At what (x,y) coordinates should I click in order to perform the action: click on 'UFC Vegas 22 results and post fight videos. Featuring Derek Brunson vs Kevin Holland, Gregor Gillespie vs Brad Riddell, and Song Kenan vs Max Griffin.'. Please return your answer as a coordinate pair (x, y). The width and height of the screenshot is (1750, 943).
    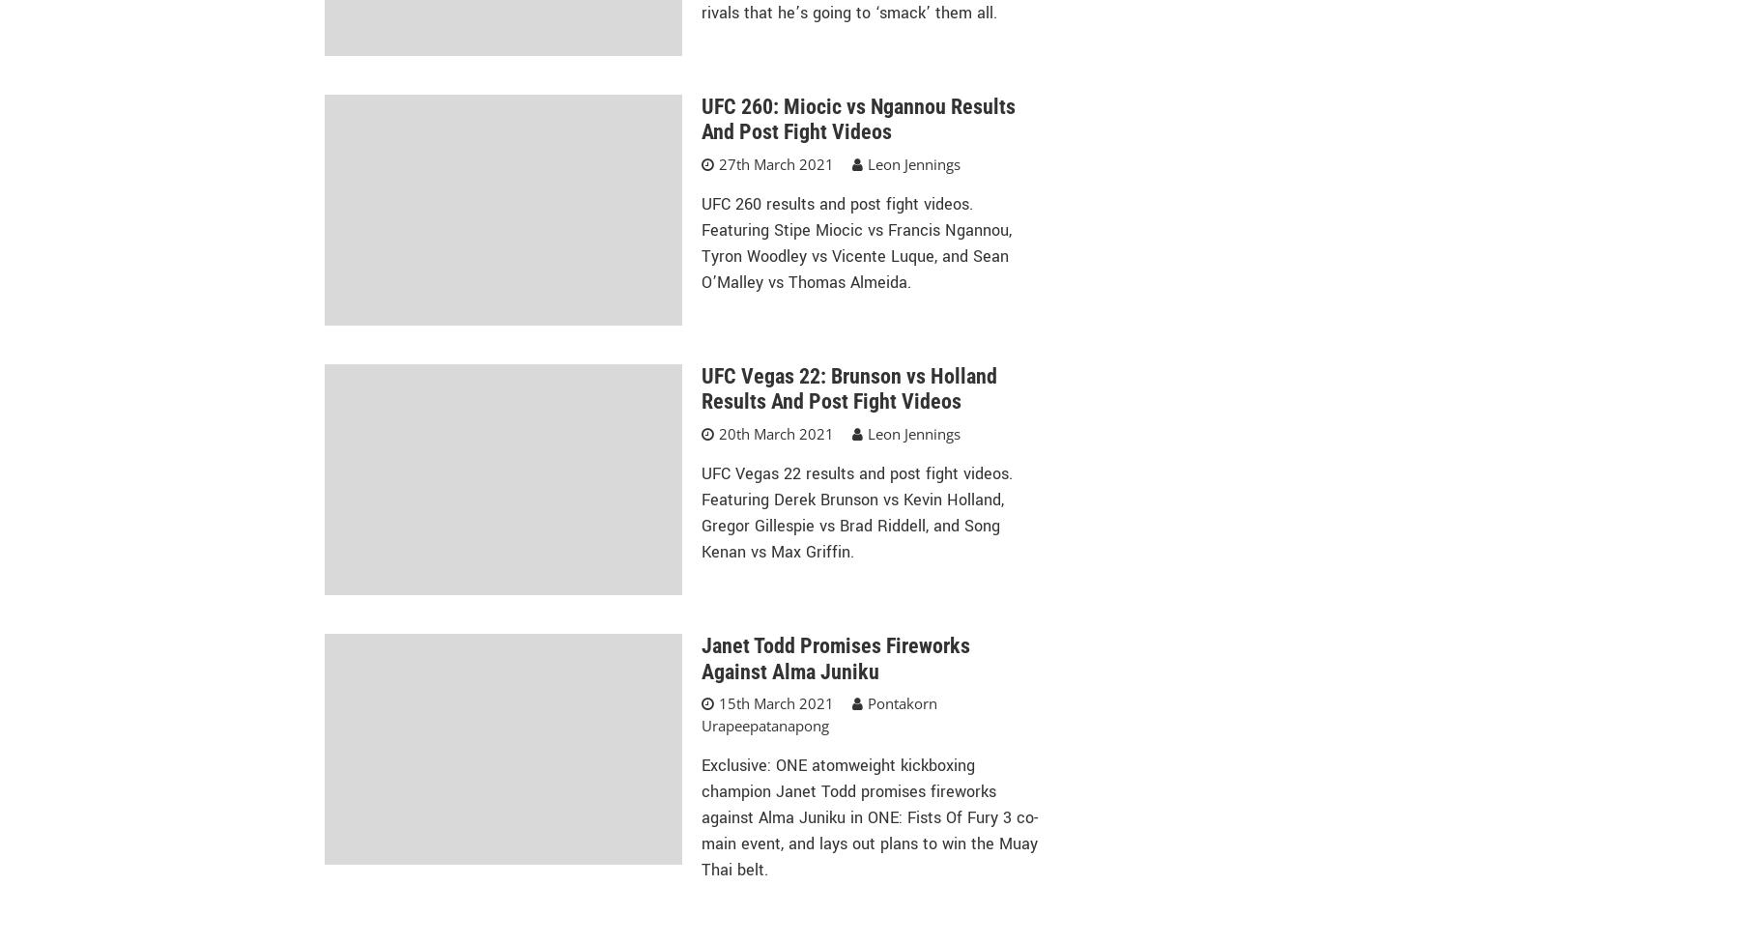
    Looking at the image, I should click on (855, 513).